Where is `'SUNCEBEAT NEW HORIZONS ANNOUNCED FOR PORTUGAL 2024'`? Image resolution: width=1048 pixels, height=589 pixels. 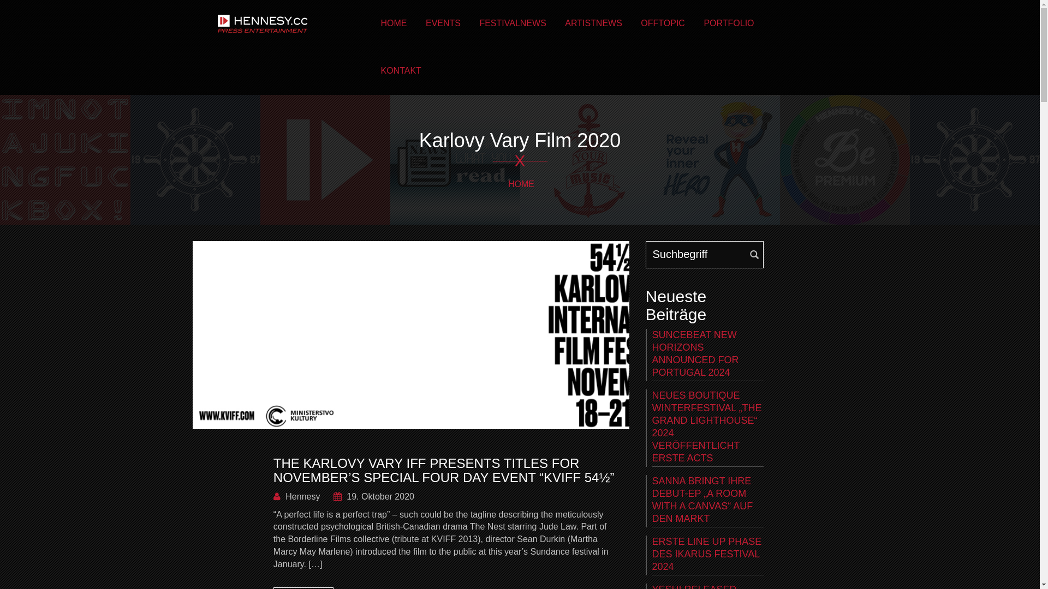
'SUNCEBEAT NEW HORIZONS ANNOUNCED FOR PORTUGAL 2024' is located at coordinates (707, 355).